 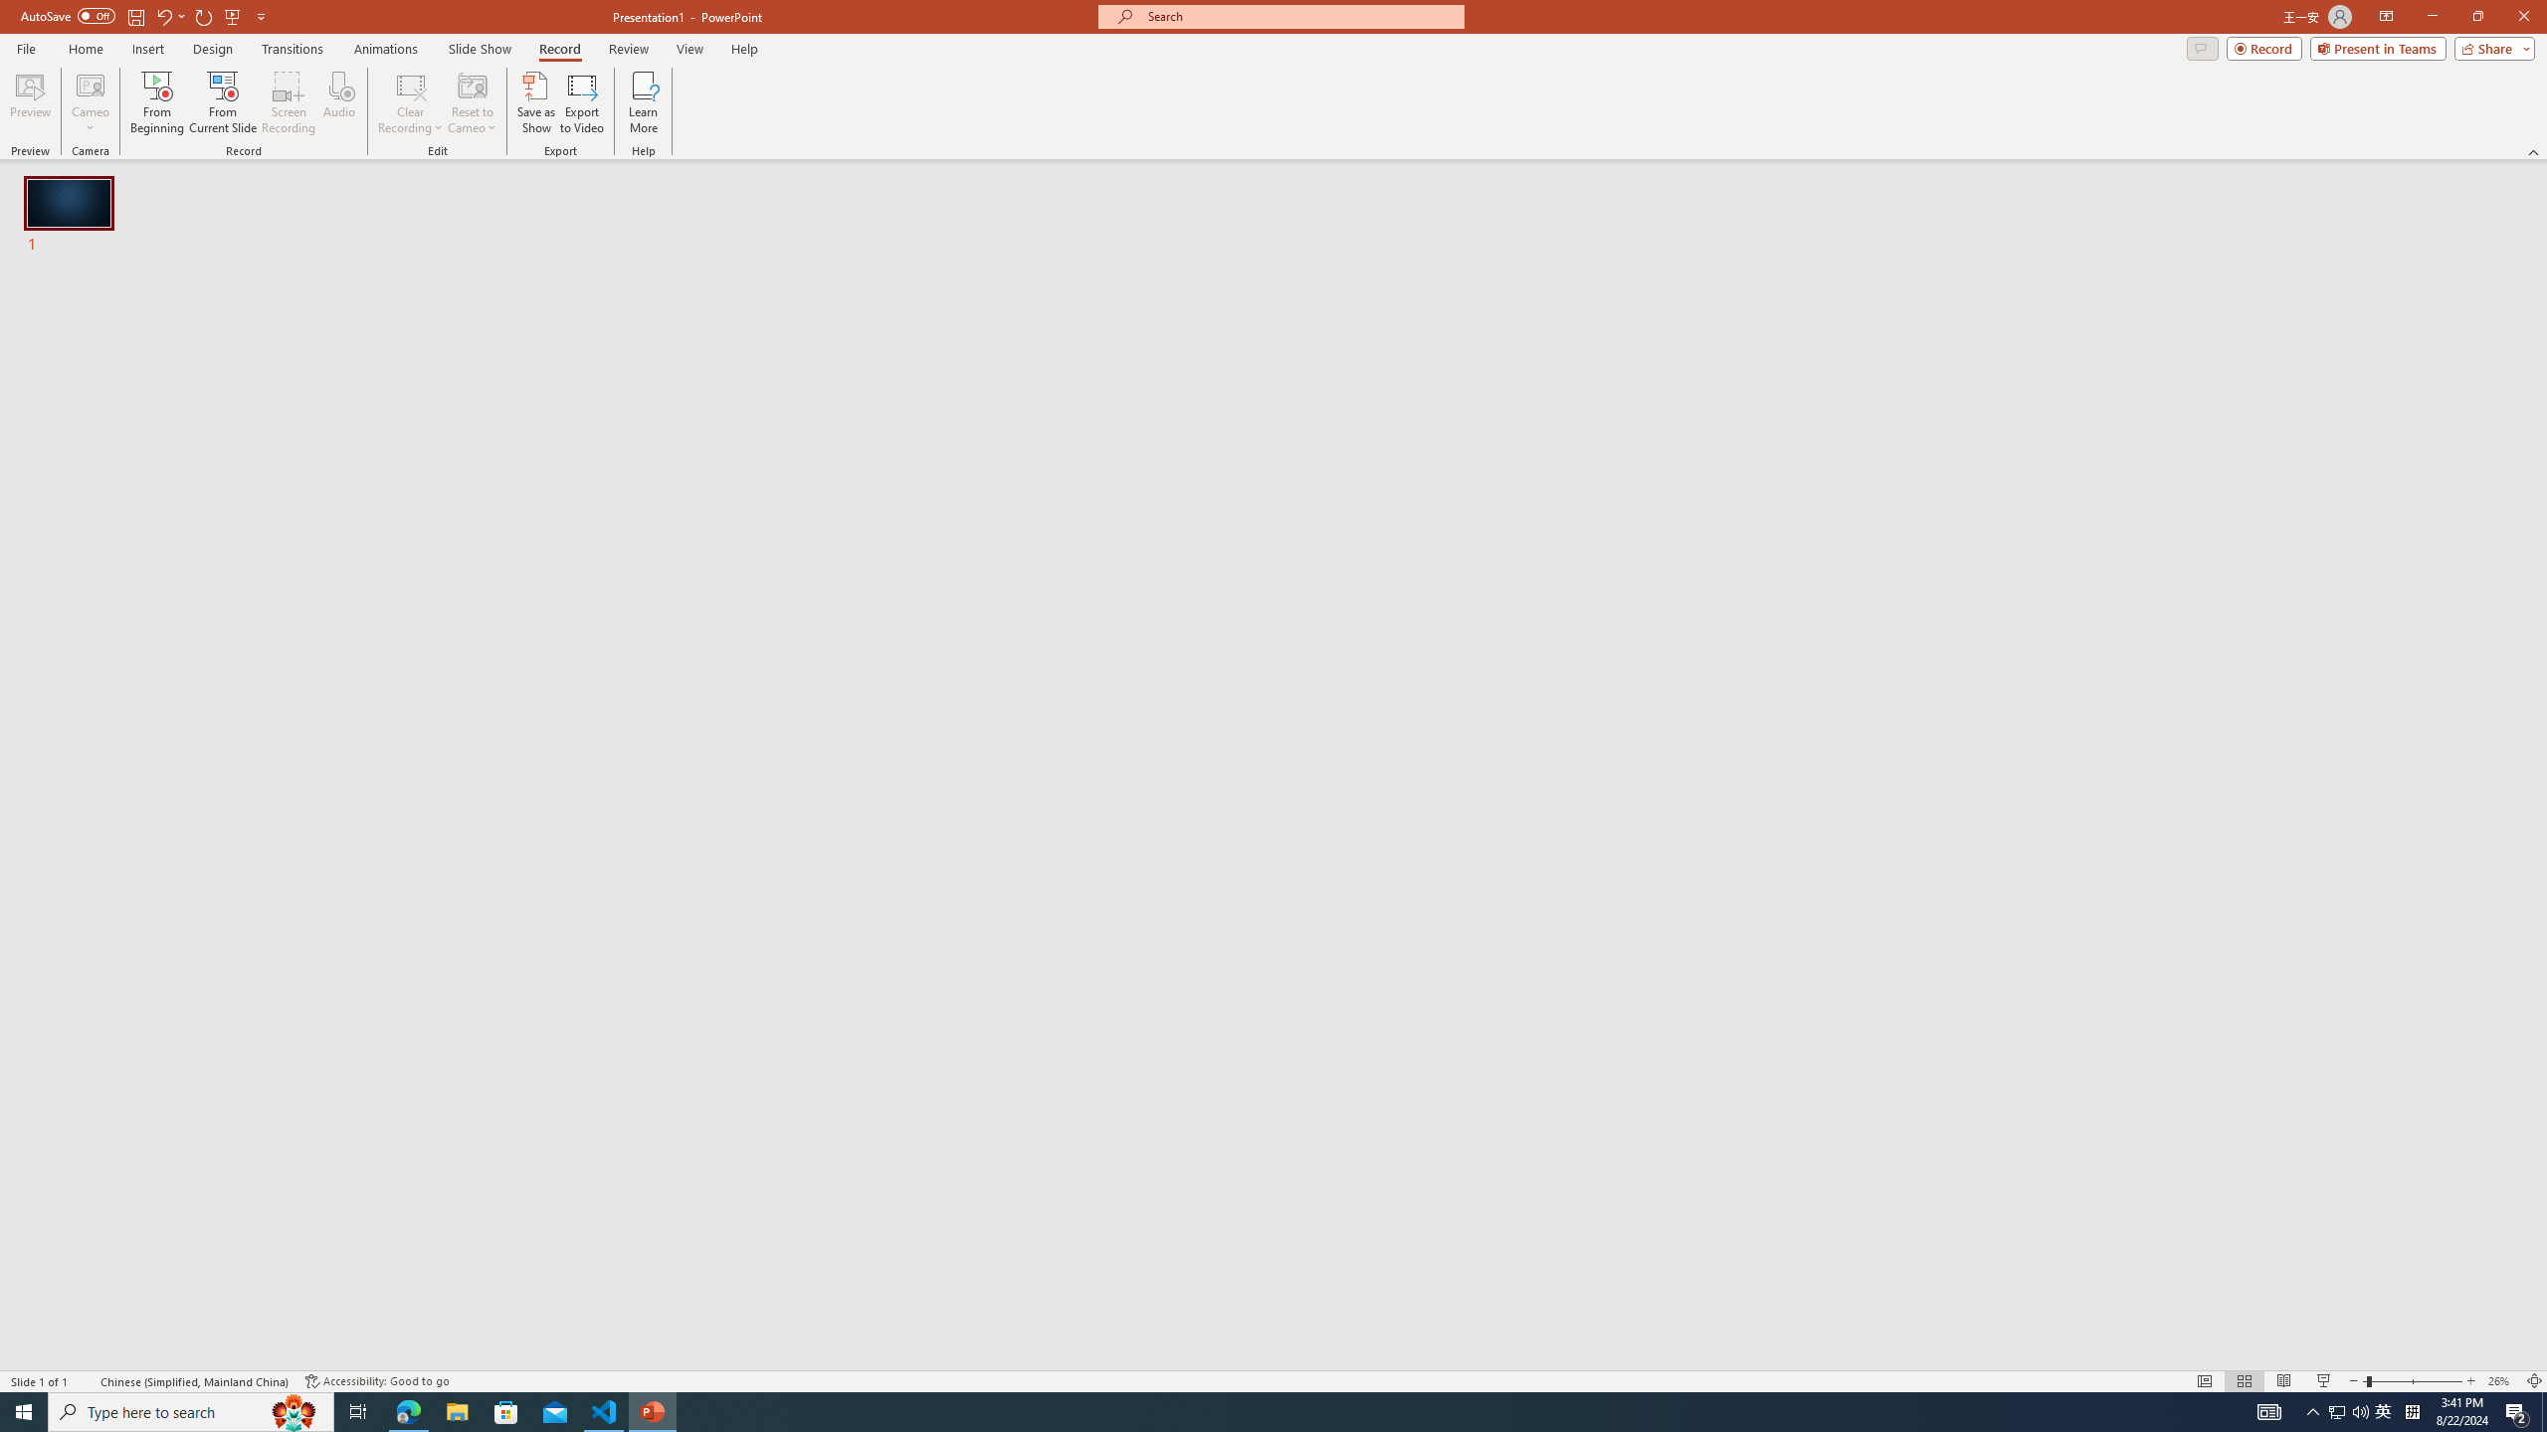 What do you see at coordinates (471, 102) in the screenshot?
I see `'Reset to Cameo'` at bounding box center [471, 102].